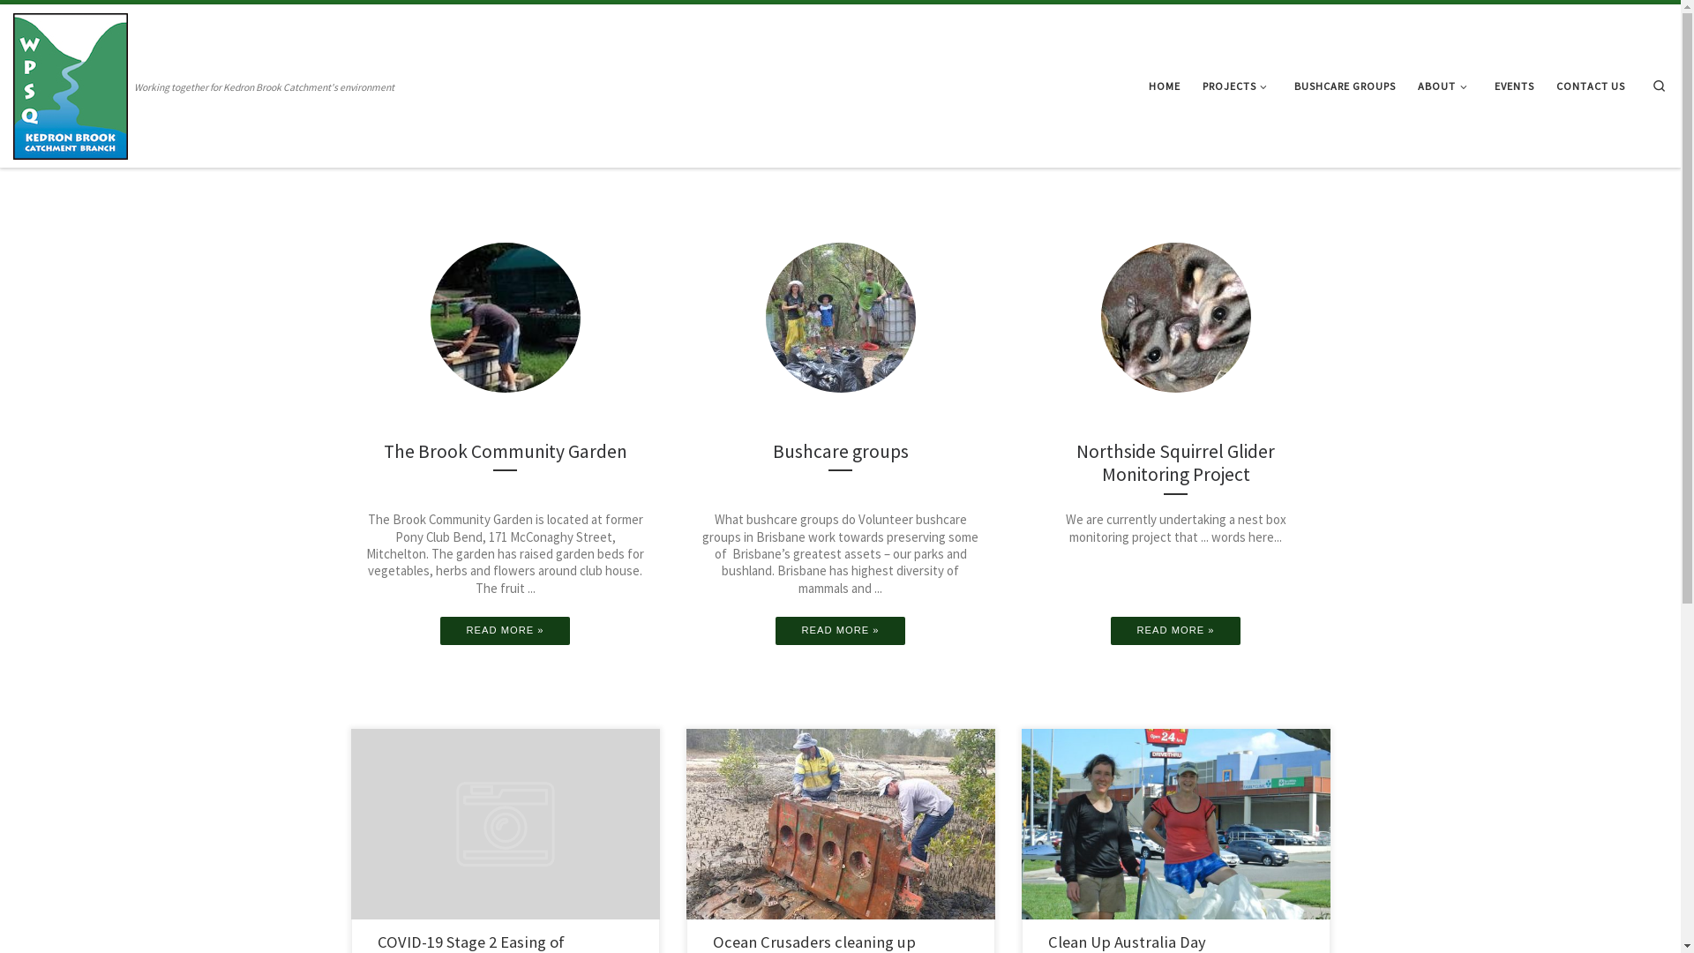  I want to click on 'CONTACT US', so click(1591, 86).